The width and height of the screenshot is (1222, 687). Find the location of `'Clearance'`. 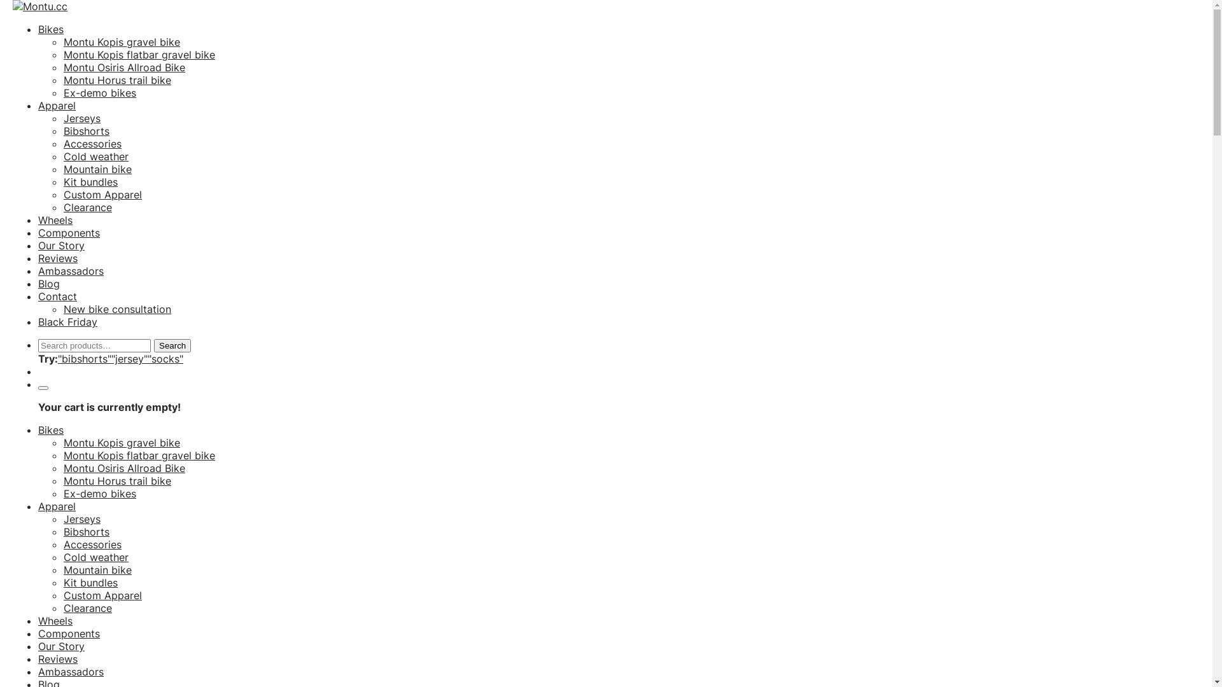

'Clearance' is located at coordinates (63, 607).